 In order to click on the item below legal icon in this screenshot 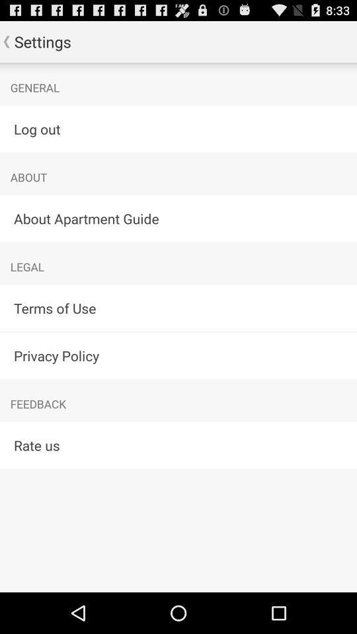, I will do `click(178, 308)`.